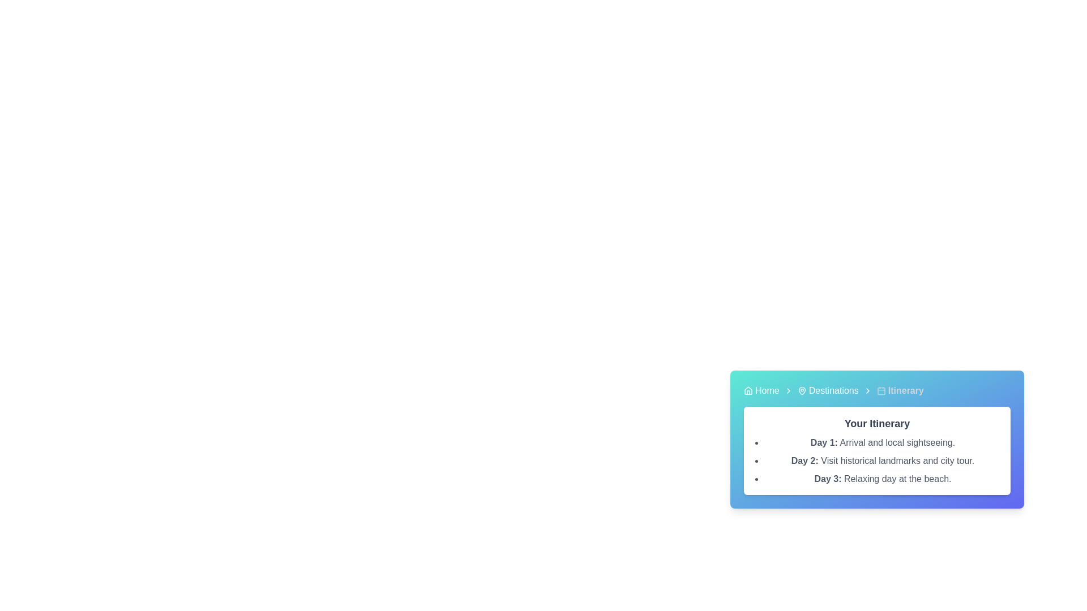 The height and width of the screenshot is (611, 1087). Describe the element at coordinates (767, 390) in the screenshot. I see `the hyperlink located in the breadcrumb navigation bar, which appears after a house icon and before another breadcrumb link` at that location.